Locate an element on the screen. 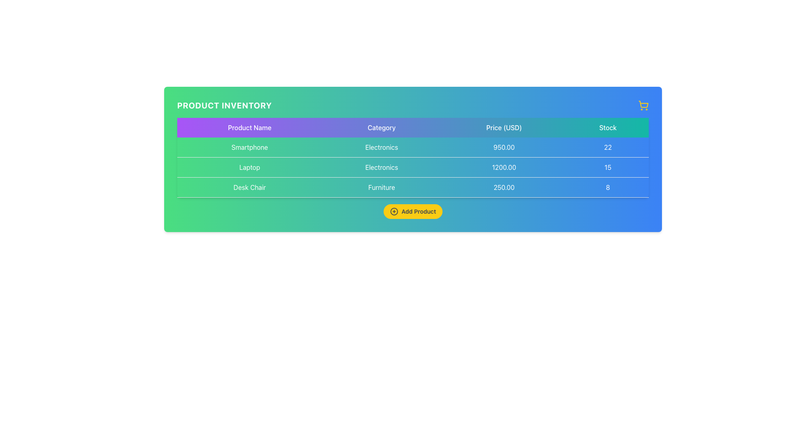 This screenshot has height=442, width=786. the static text element displaying the number '22', which is styled in white text on a blue background, located in the last column of the first row of a table-like structure is located at coordinates (608, 147).